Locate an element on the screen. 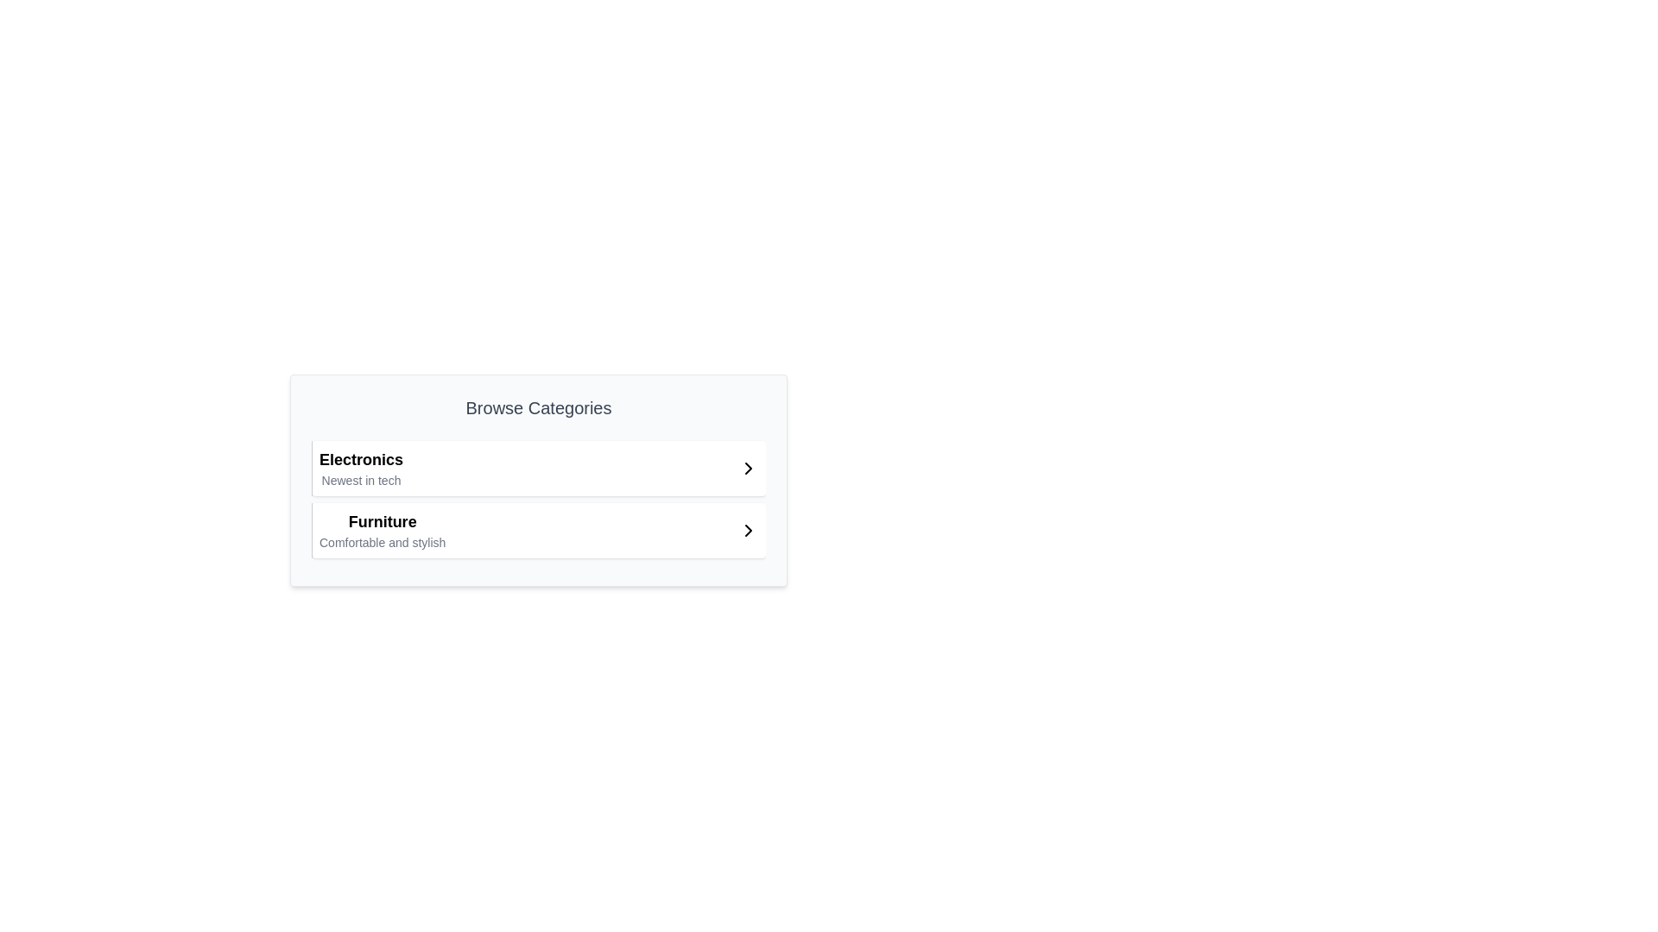  the text label that reads 'Newest in tech', which is positioned below the bold 'Electronics' title in light gray color is located at coordinates (360, 480).